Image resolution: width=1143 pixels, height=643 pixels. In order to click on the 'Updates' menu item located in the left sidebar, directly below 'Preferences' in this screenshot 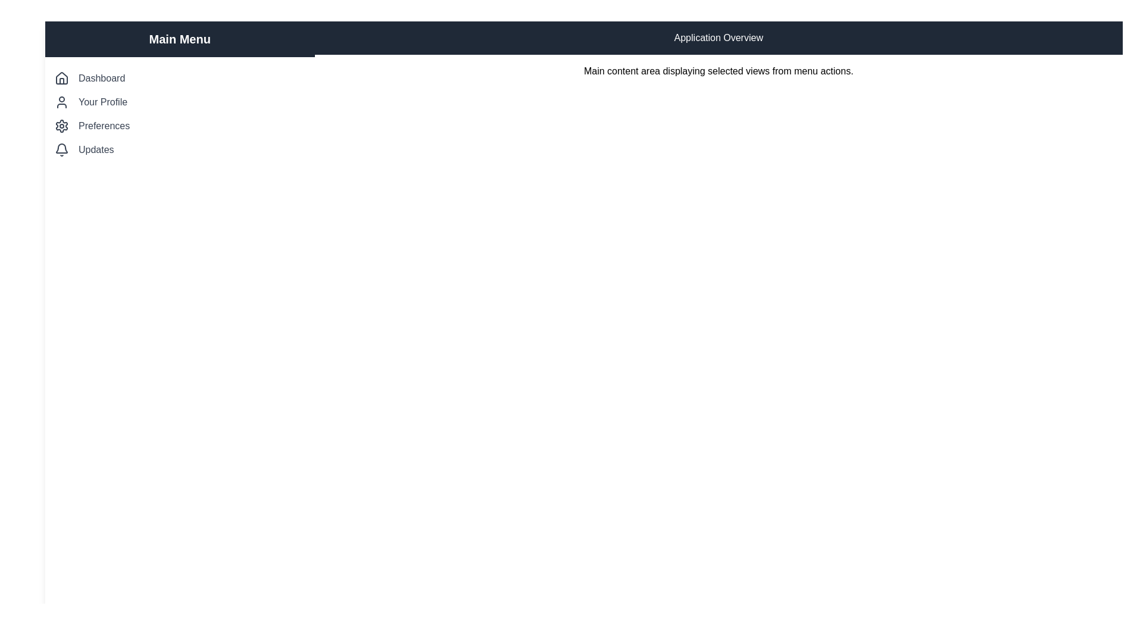, I will do `click(179, 149)`.